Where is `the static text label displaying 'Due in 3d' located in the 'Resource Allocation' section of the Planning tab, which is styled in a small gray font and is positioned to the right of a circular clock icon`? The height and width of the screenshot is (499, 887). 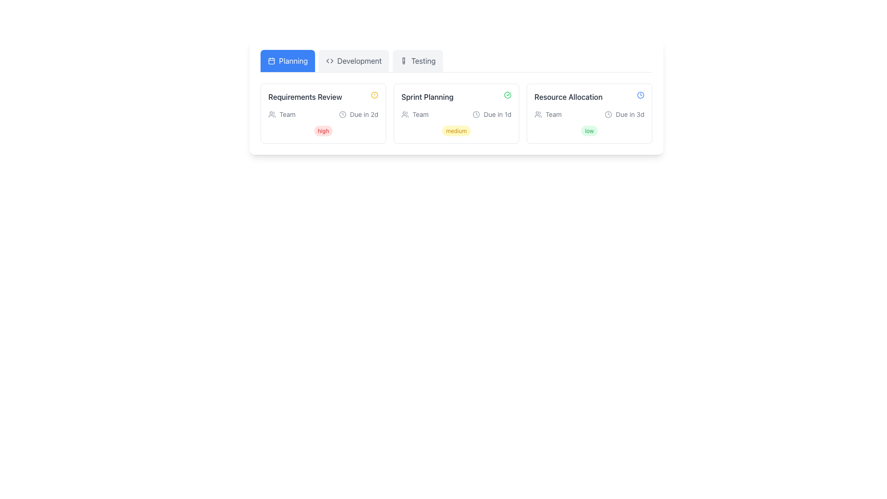 the static text label displaying 'Due in 3d' located in the 'Resource Allocation' section of the Planning tab, which is styled in a small gray font and is positioned to the right of a circular clock icon is located at coordinates (629, 114).